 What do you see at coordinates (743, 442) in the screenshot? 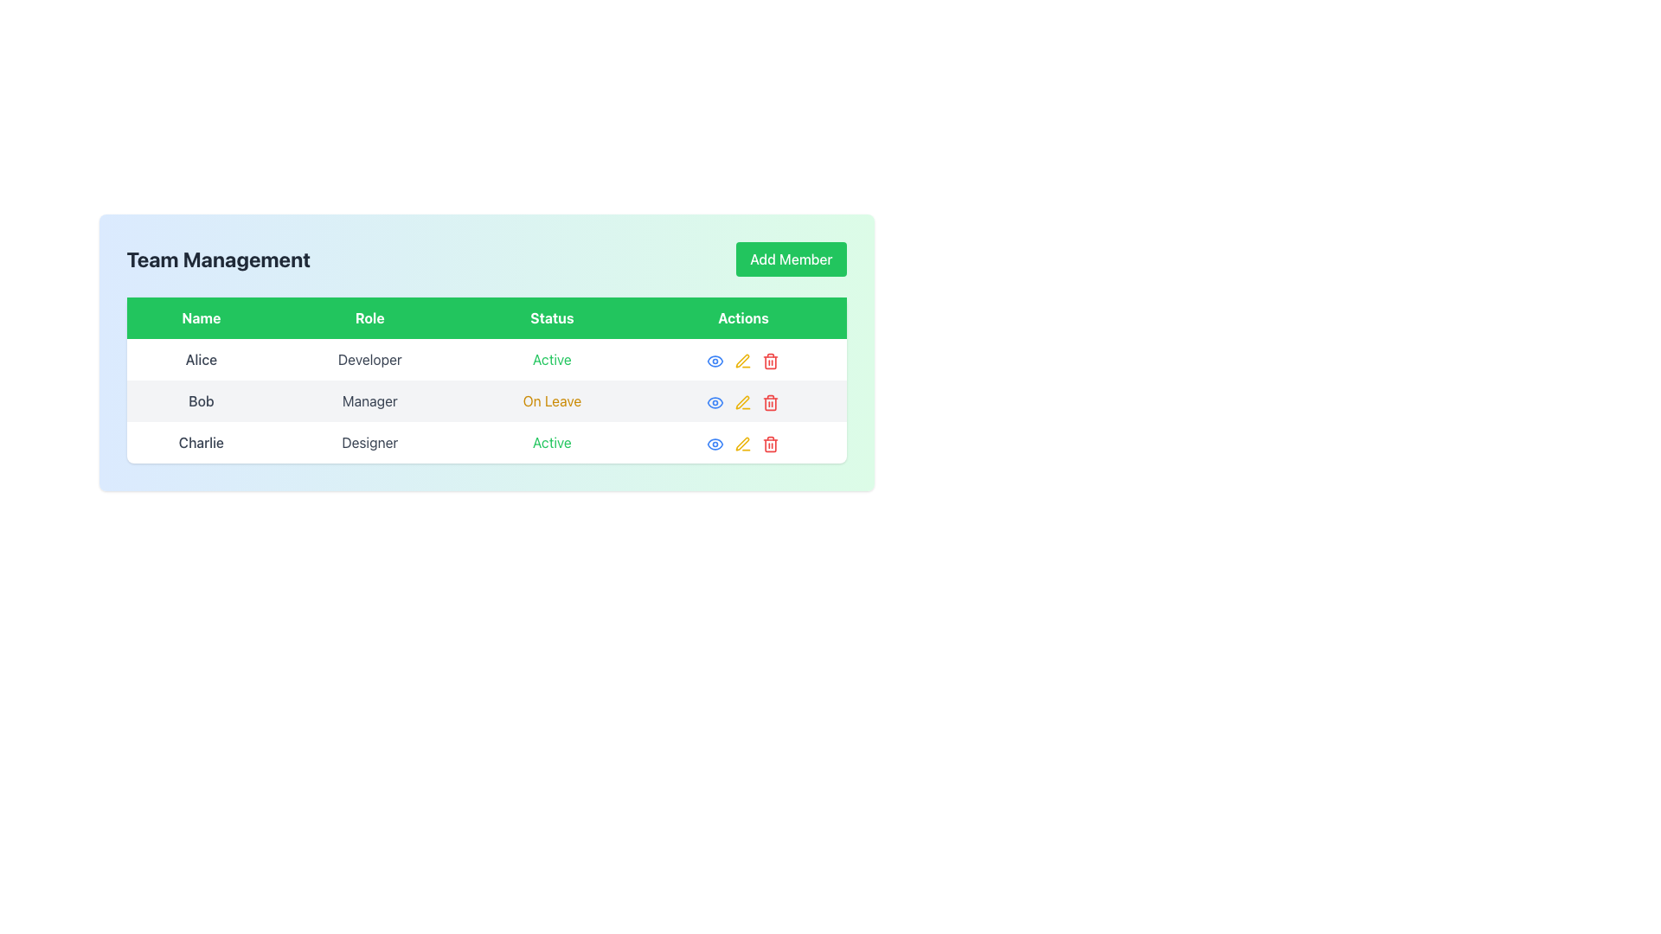
I see `the edit icon button in the Actions column for the row associated with user 'Charlie' to initiate the edit action` at bounding box center [743, 442].